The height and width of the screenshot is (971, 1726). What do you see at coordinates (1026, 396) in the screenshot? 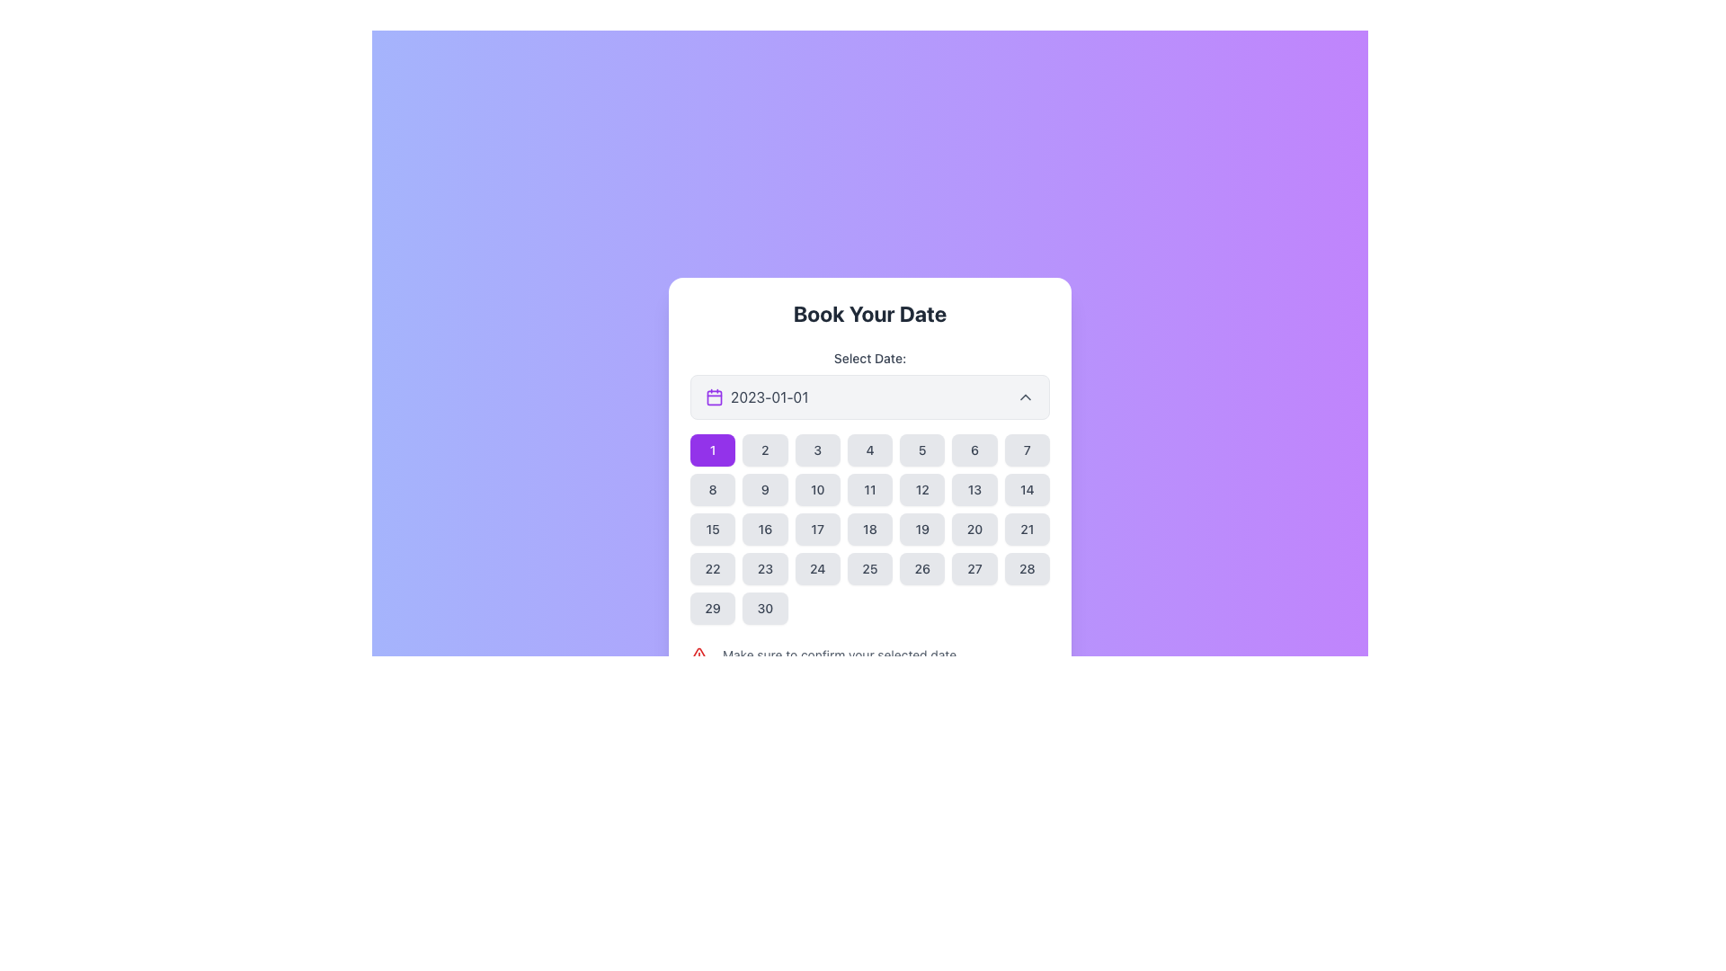
I see `the small chevron-up icon located at the far right of the 'Select Date' section, adjacent to the date '2023-01-01'` at bounding box center [1026, 396].